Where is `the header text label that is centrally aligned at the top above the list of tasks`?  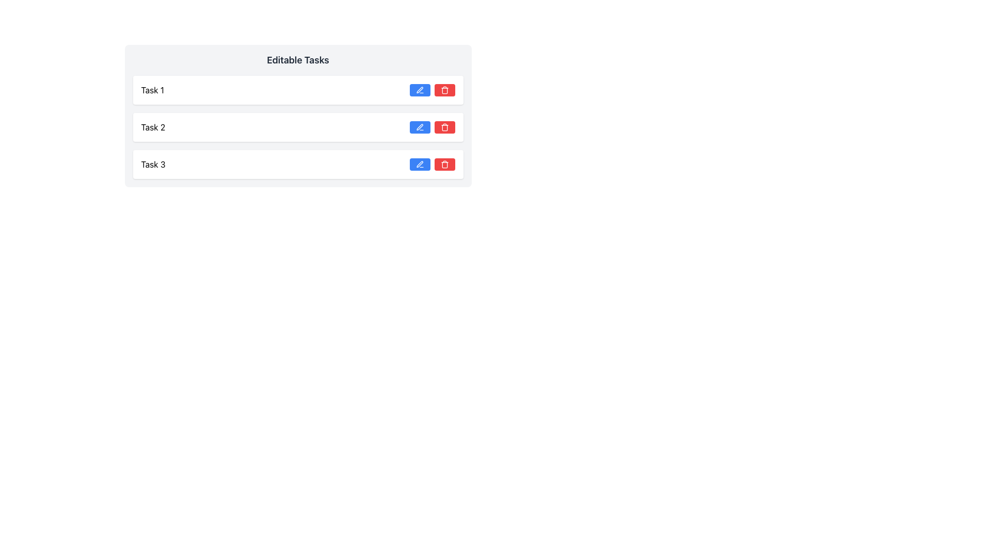 the header text label that is centrally aligned at the top above the list of tasks is located at coordinates (297, 60).